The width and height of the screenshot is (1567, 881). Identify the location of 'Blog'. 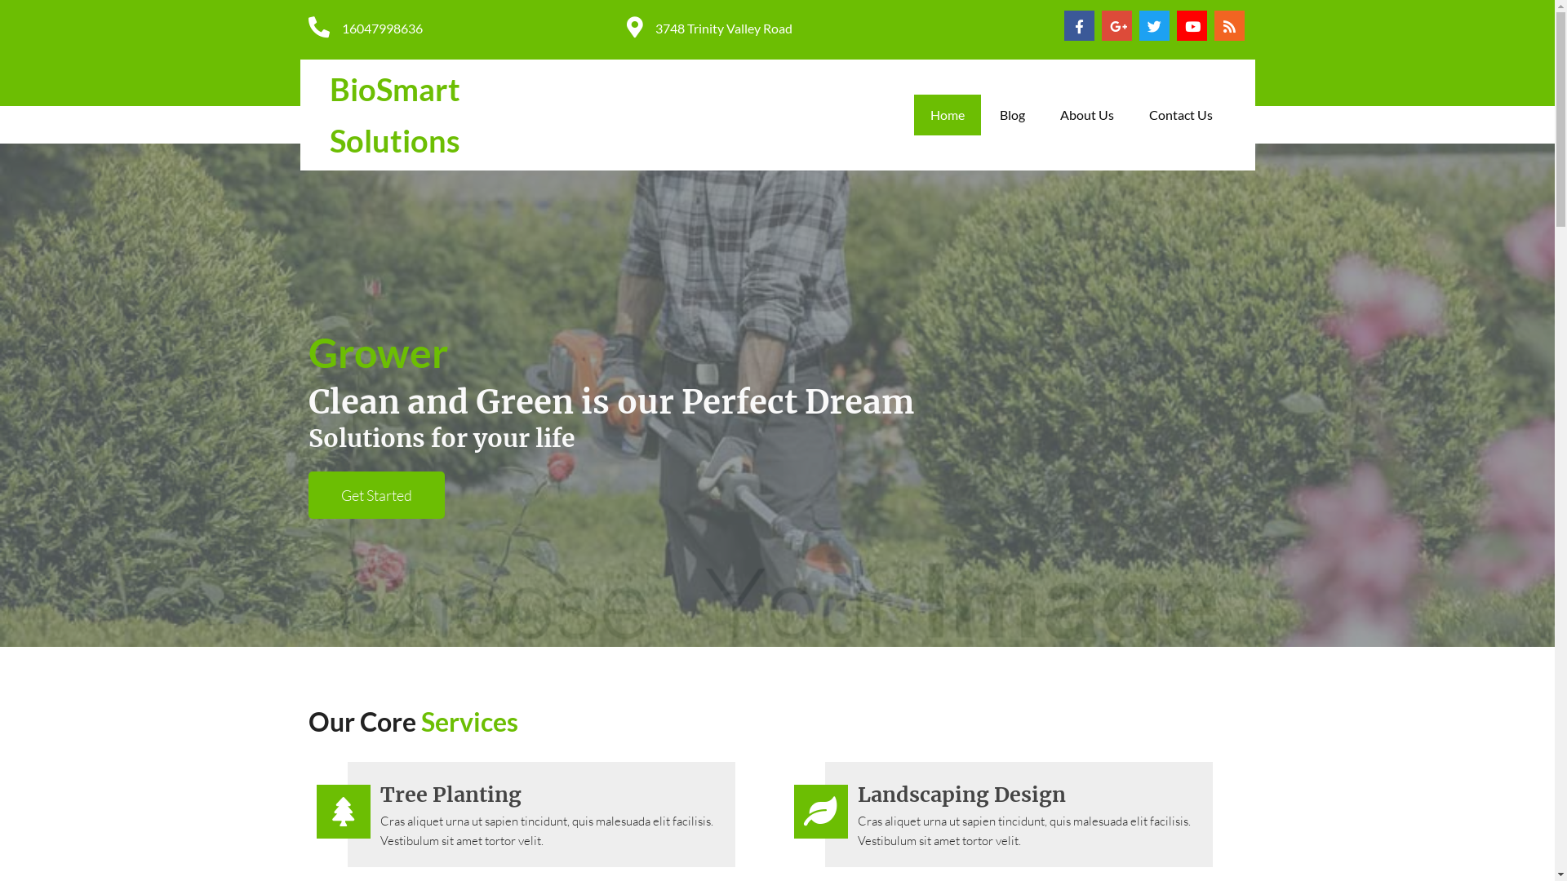
(1010, 114).